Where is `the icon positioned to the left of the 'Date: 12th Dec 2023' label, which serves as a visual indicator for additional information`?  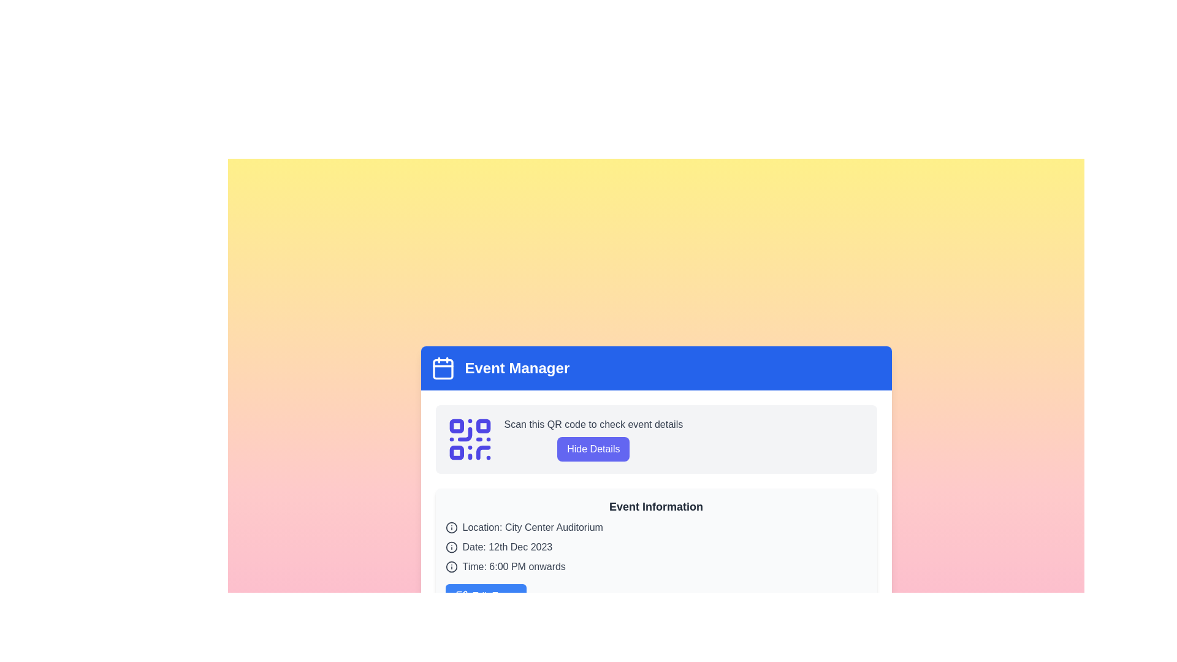
the icon positioned to the left of the 'Date: 12th Dec 2023' label, which serves as a visual indicator for additional information is located at coordinates (451, 547).